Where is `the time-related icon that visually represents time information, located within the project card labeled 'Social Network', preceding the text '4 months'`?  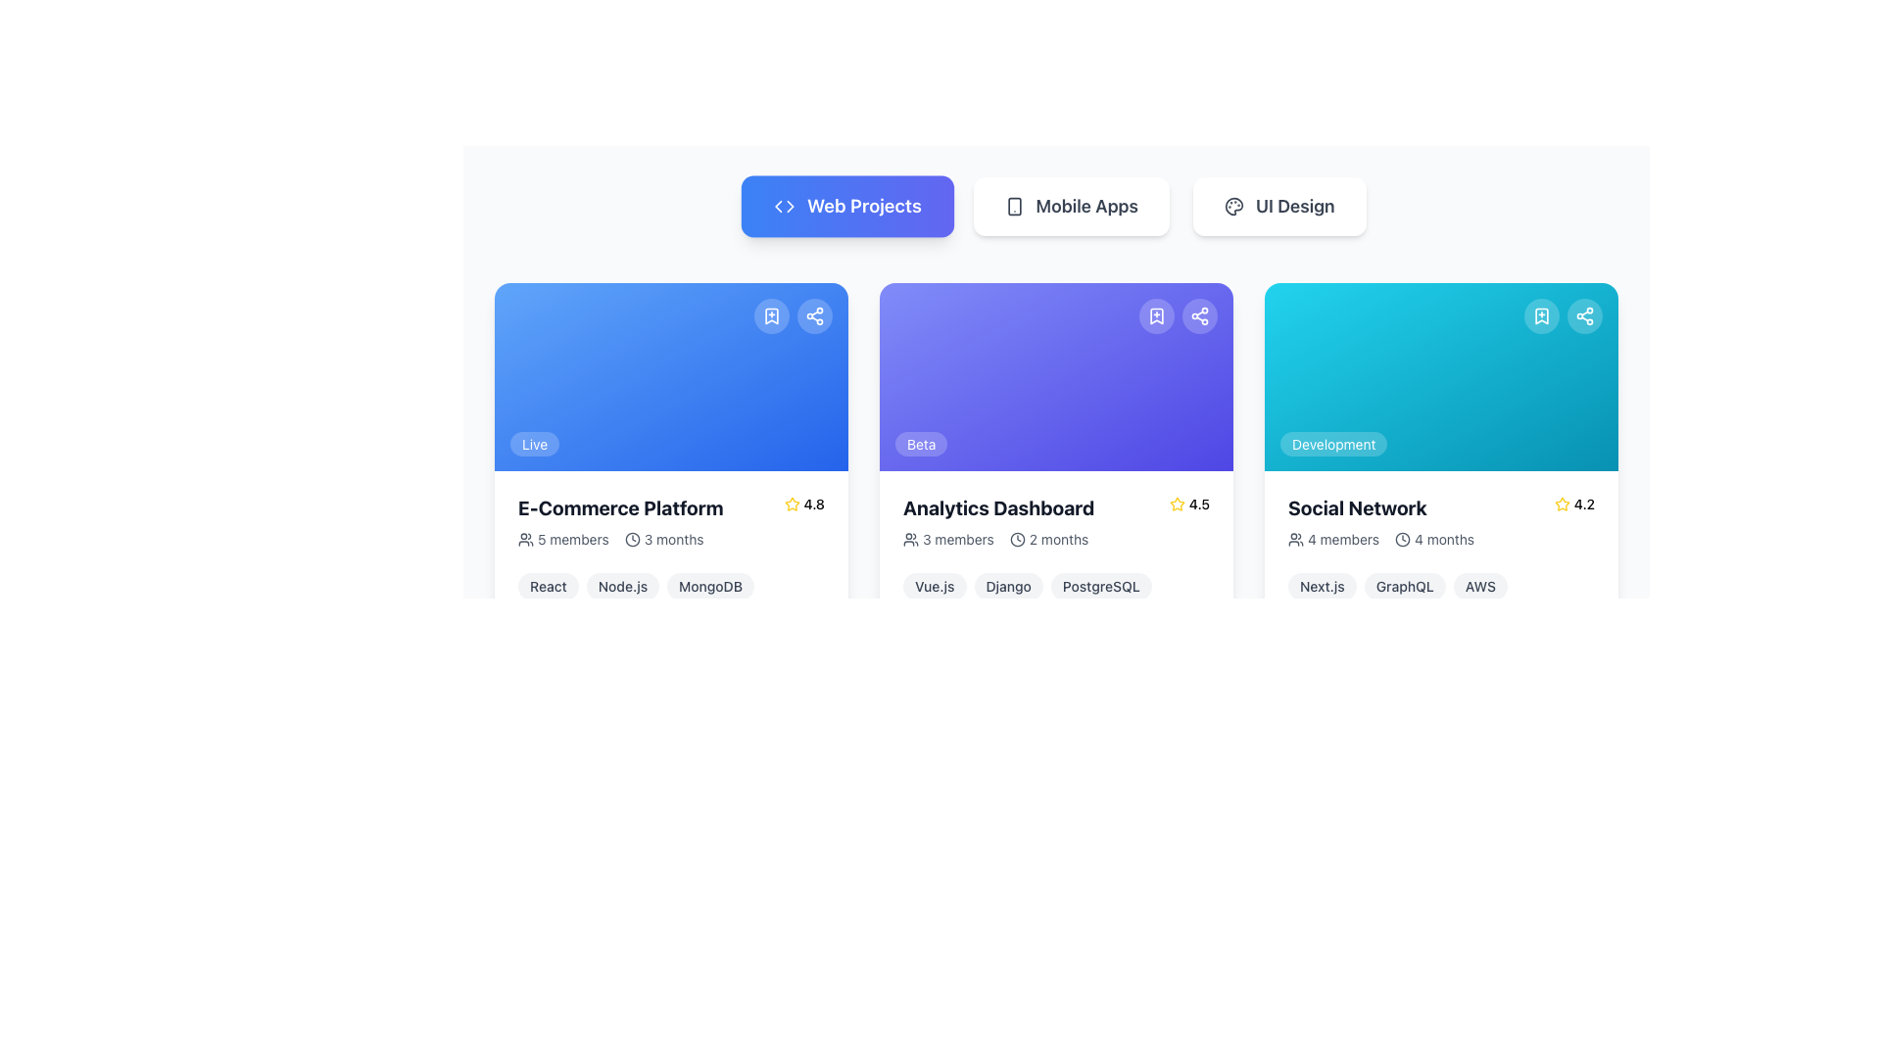 the time-related icon that visually represents time information, located within the project card labeled 'Social Network', preceding the text '4 months' is located at coordinates (1402, 540).